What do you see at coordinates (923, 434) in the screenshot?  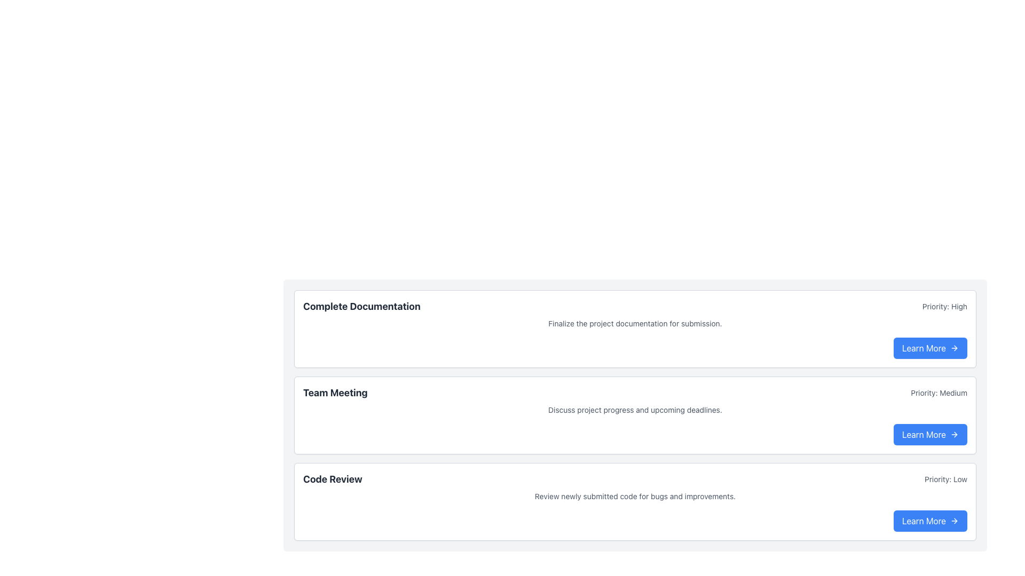 I see `the button located in the third row of the list interface, aligned to the right end next to the 'Priority: Low' indicator` at bounding box center [923, 434].